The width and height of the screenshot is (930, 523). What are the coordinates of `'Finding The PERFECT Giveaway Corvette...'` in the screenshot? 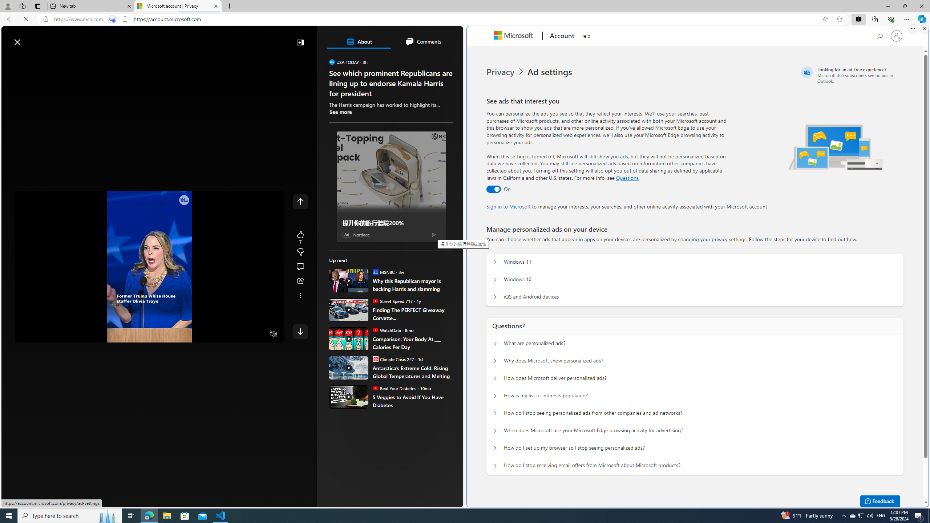 It's located at (413, 313).